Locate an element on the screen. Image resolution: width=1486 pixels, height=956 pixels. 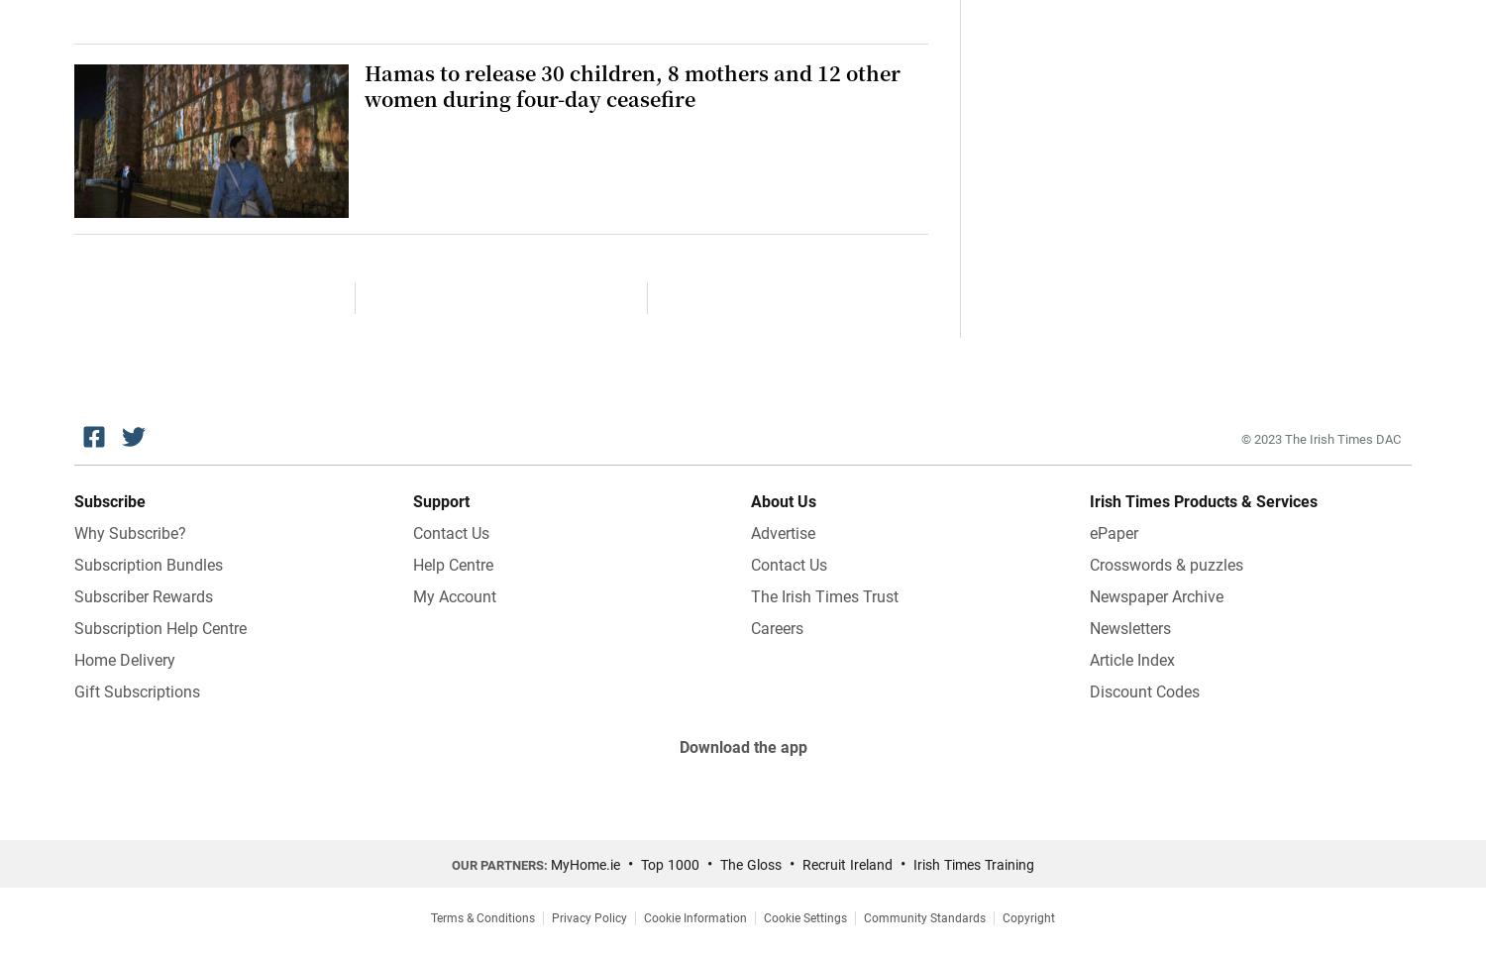
'Subscriber Rewards' is located at coordinates (144, 594).